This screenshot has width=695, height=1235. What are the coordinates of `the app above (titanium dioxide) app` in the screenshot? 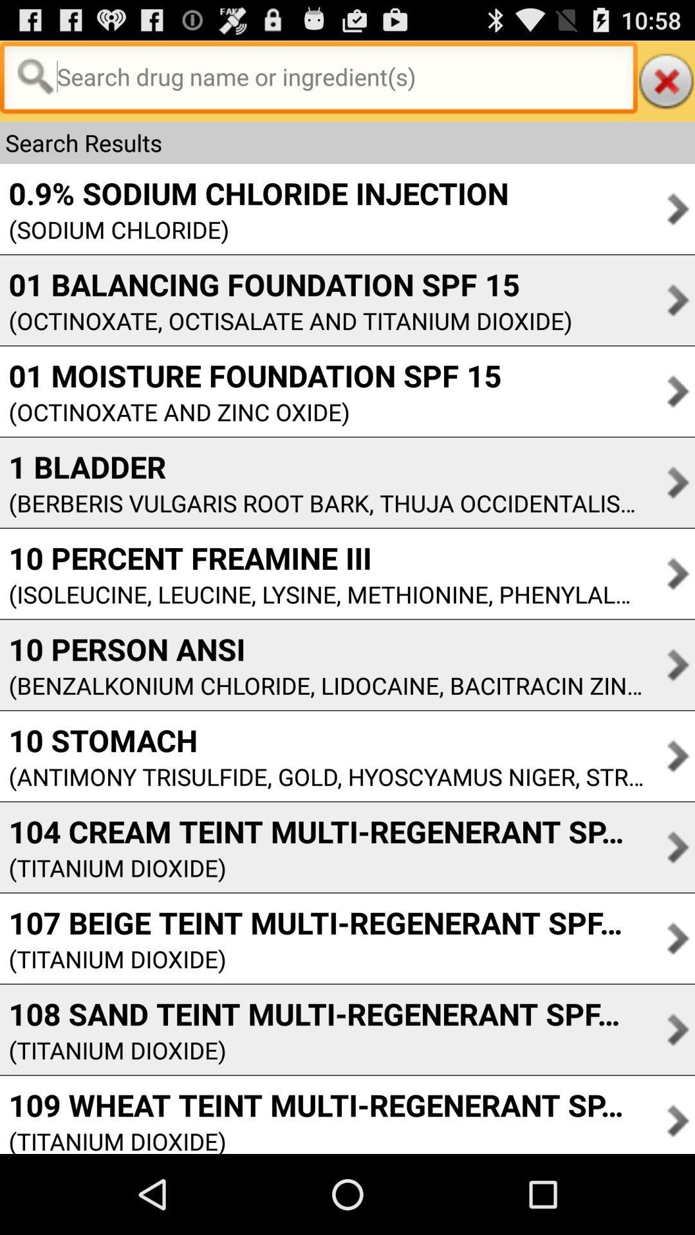 It's located at (321, 922).